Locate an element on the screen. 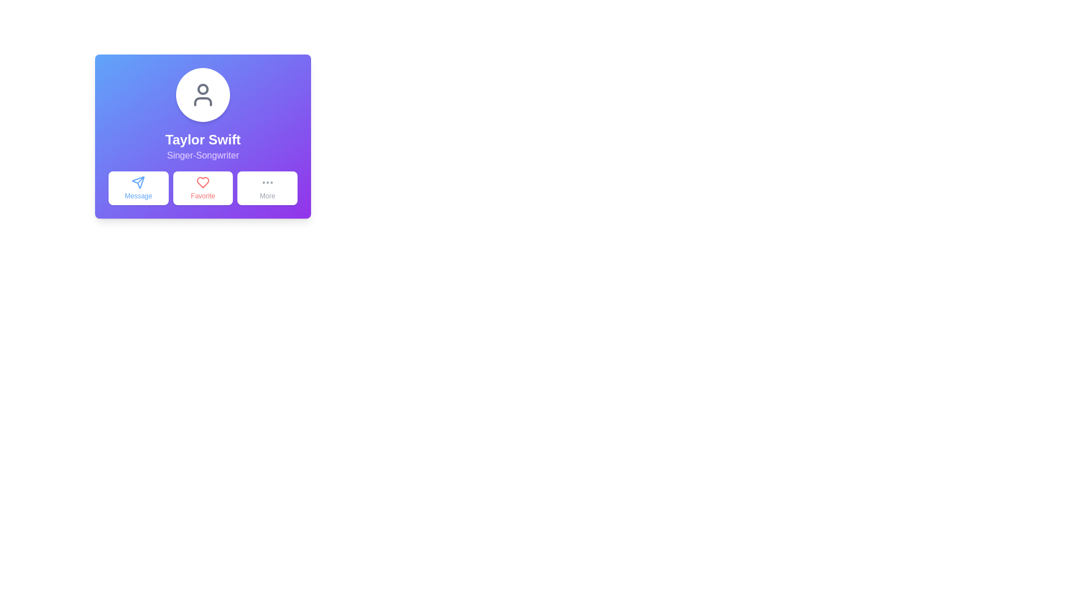 The width and height of the screenshot is (1080, 607). the 'More' text label, which is styled in a sans-serif font and displayed in light gray, positioned beneath a row of three dots, indicating an overflow options menu is located at coordinates (267, 195).